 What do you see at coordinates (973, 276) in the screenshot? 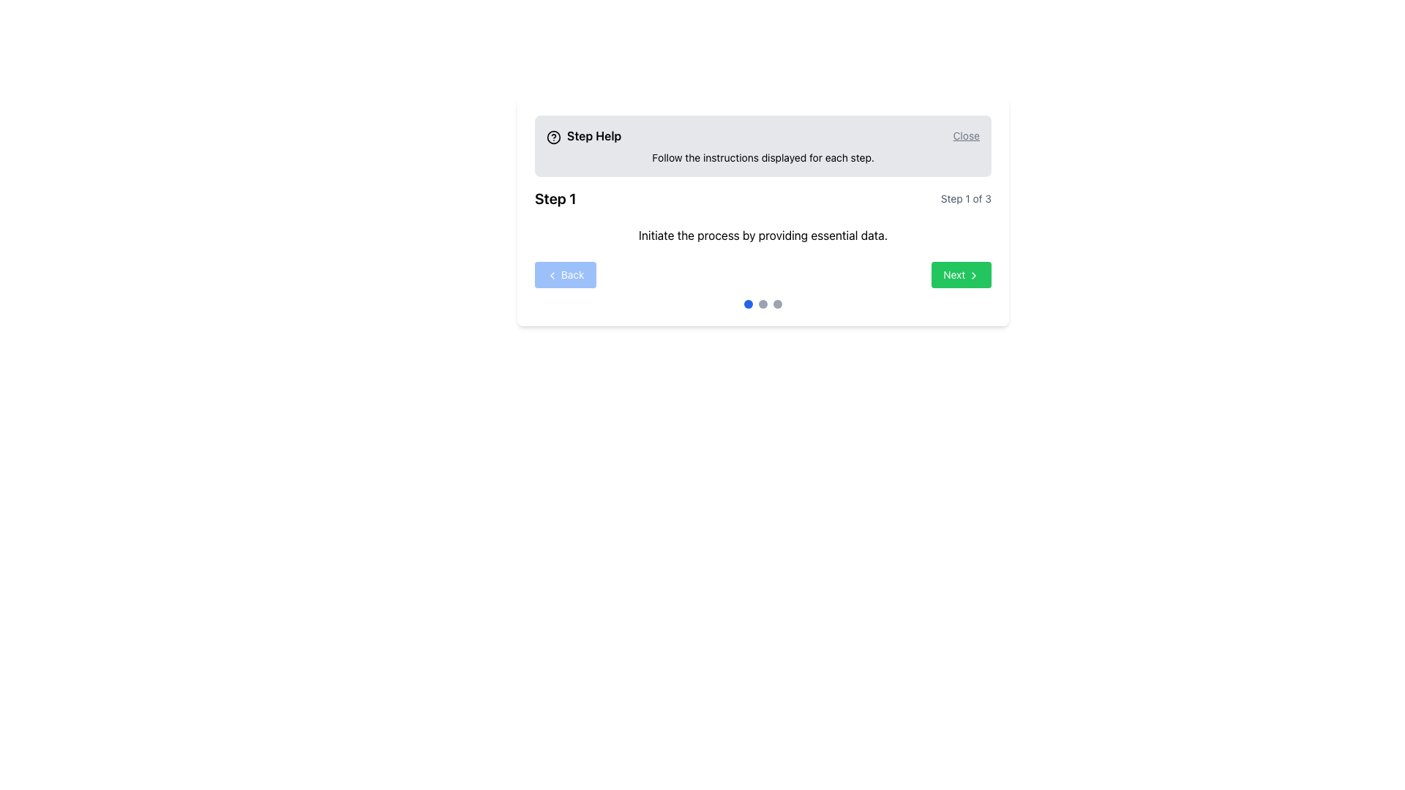
I see `the chevron icon on the right edge of the green 'Next' button` at bounding box center [973, 276].